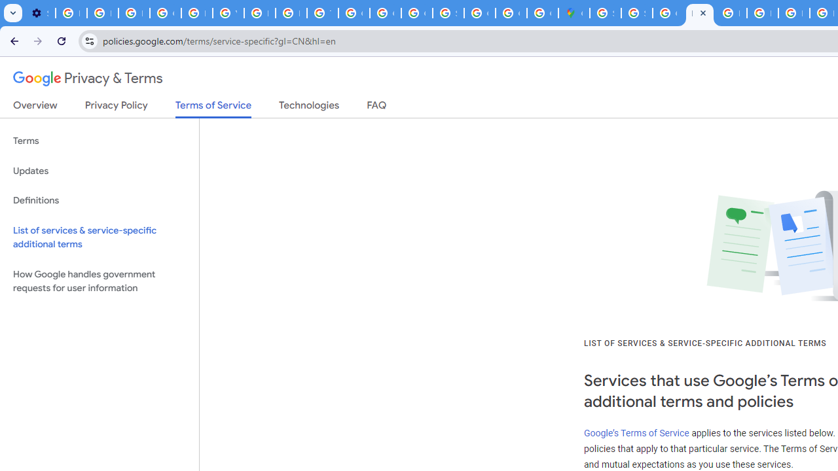  What do you see at coordinates (762, 13) in the screenshot?
I see `'Privacy Help Center - Policies Help'` at bounding box center [762, 13].